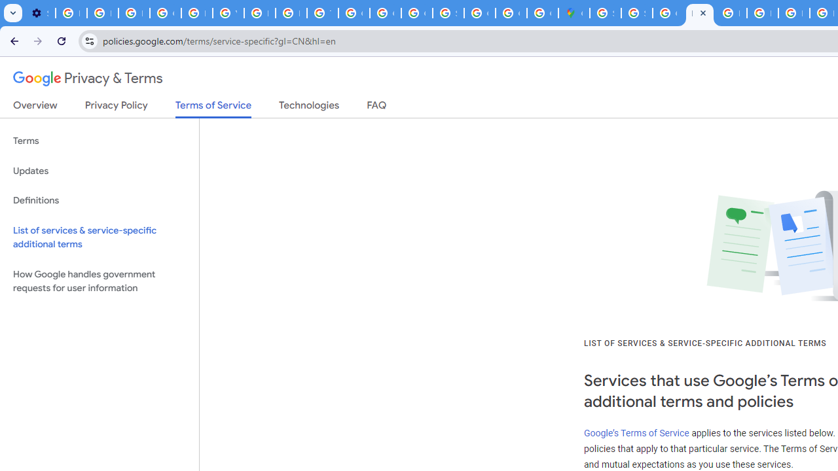  What do you see at coordinates (762, 13) in the screenshot?
I see `'Privacy Help Center - Policies Help'` at bounding box center [762, 13].